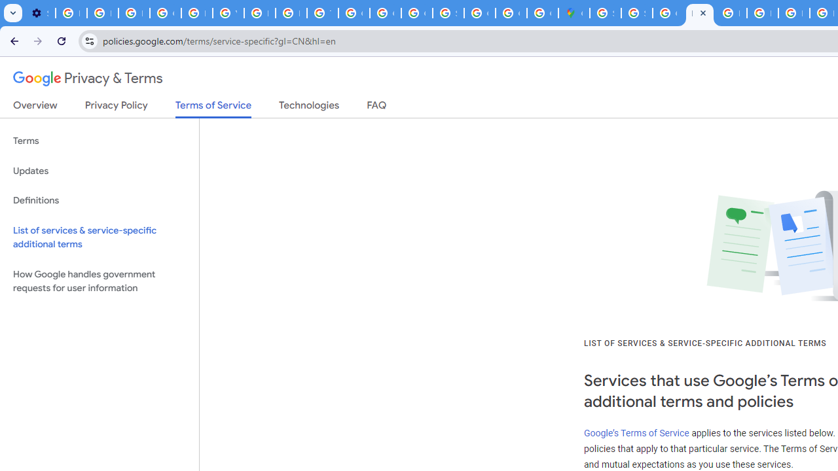  What do you see at coordinates (762, 13) in the screenshot?
I see `'Privacy Help Center - Policies Help'` at bounding box center [762, 13].